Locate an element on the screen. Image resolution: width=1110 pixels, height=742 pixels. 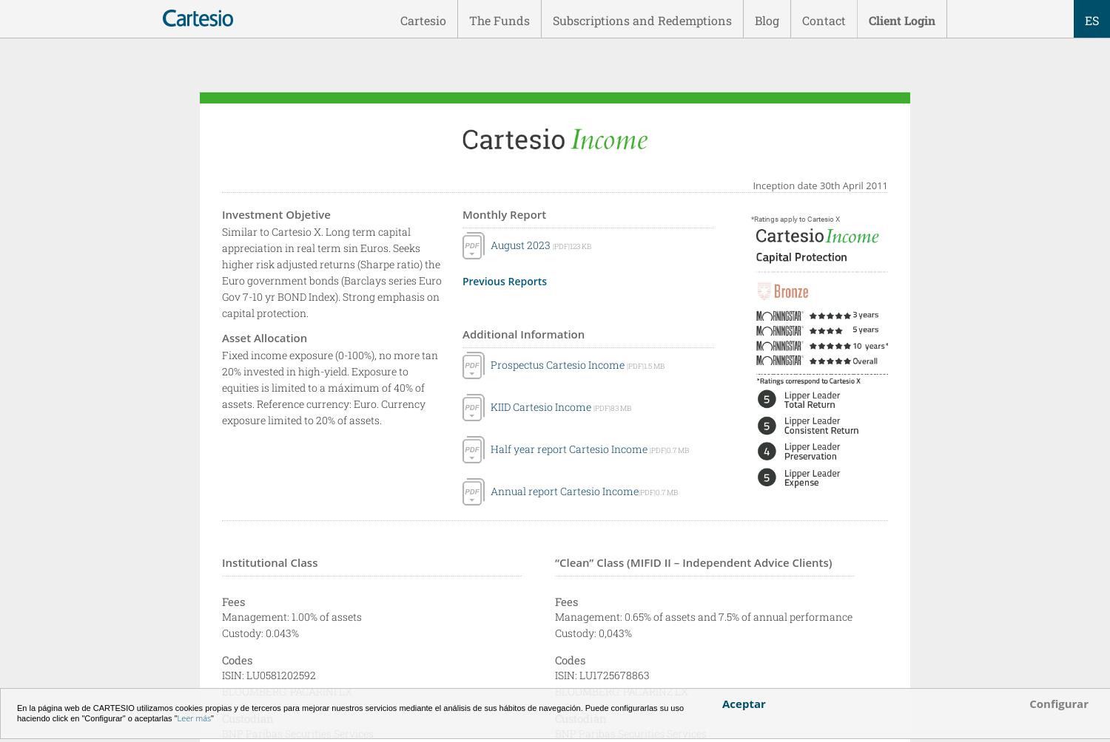
'Investment Objetive' is located at coordinates (222, 214).